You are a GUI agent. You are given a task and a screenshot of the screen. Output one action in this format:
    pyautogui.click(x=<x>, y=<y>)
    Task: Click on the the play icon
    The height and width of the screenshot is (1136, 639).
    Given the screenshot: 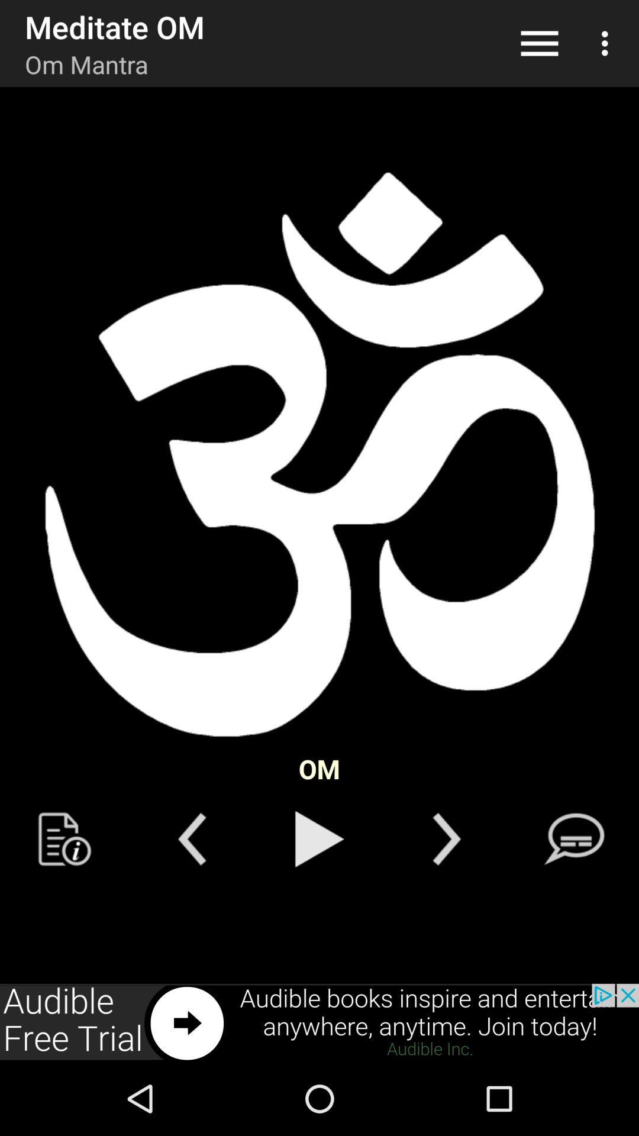 What is the action you would take?
    pyautogui.click(x=319, y=838)
    